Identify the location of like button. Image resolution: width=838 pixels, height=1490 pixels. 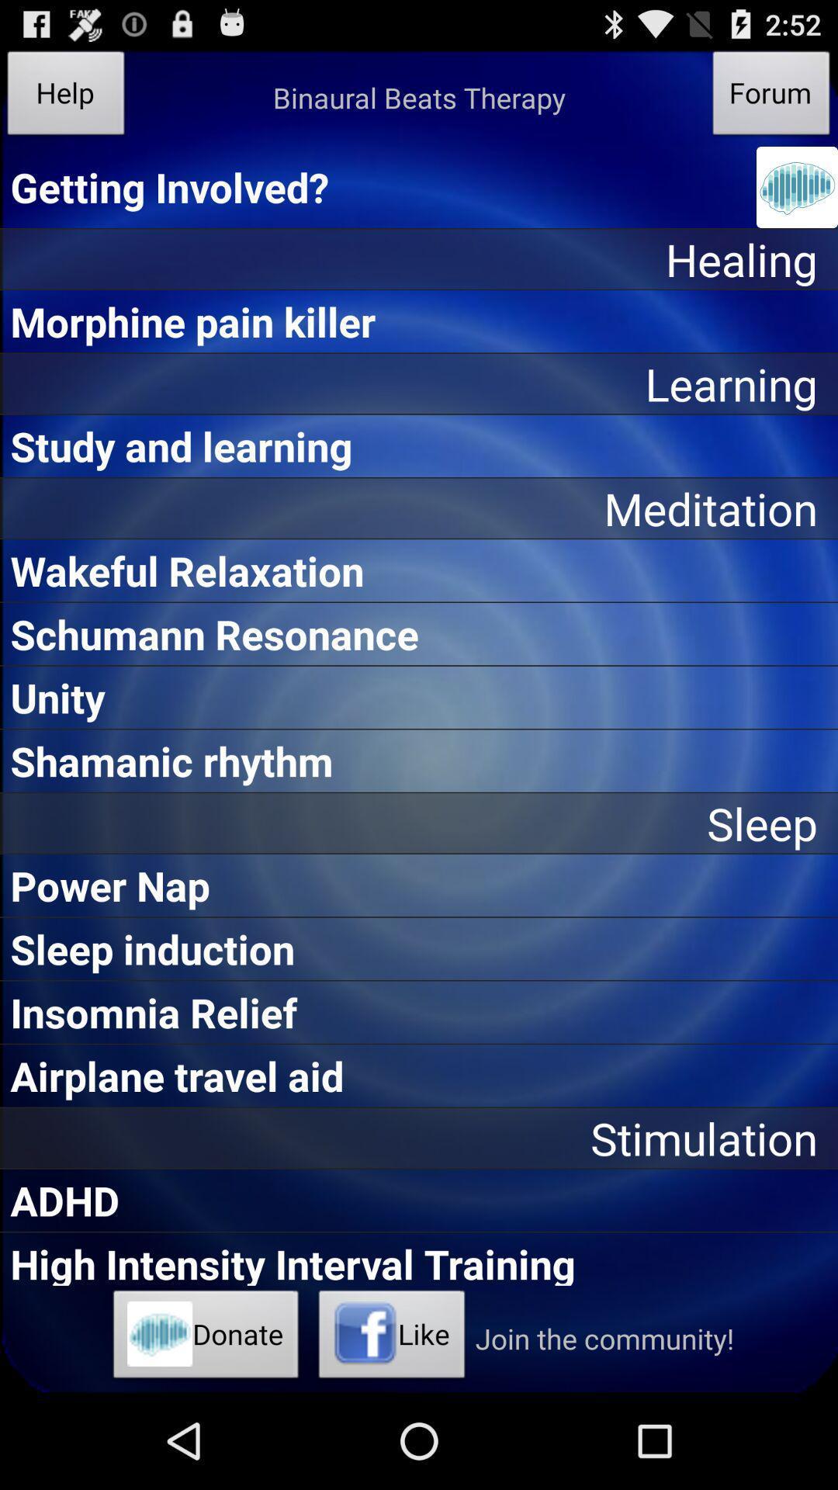
(391, 1338).